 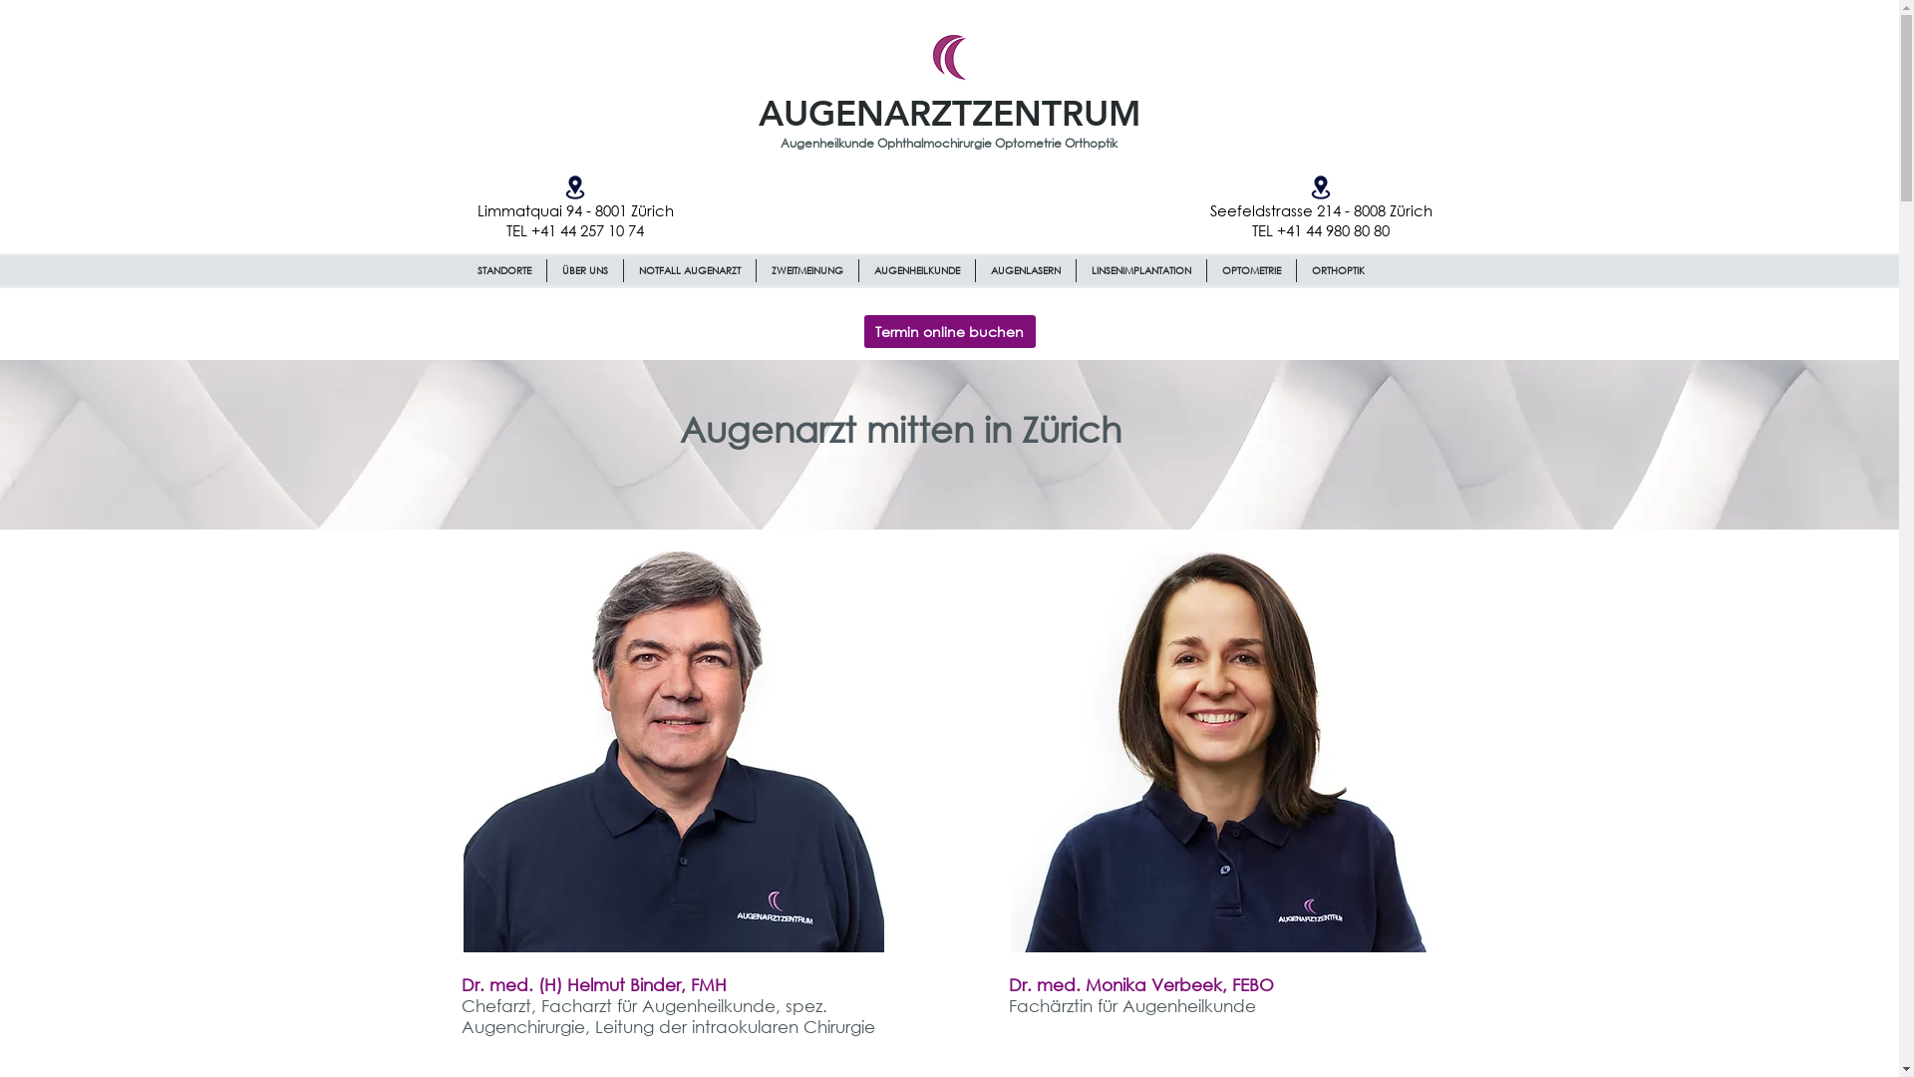 What do you see at coordinates (1337, 270) in the screenshot?
I see `'ORTHOPTIK'` at bounding box center [1337, 270].